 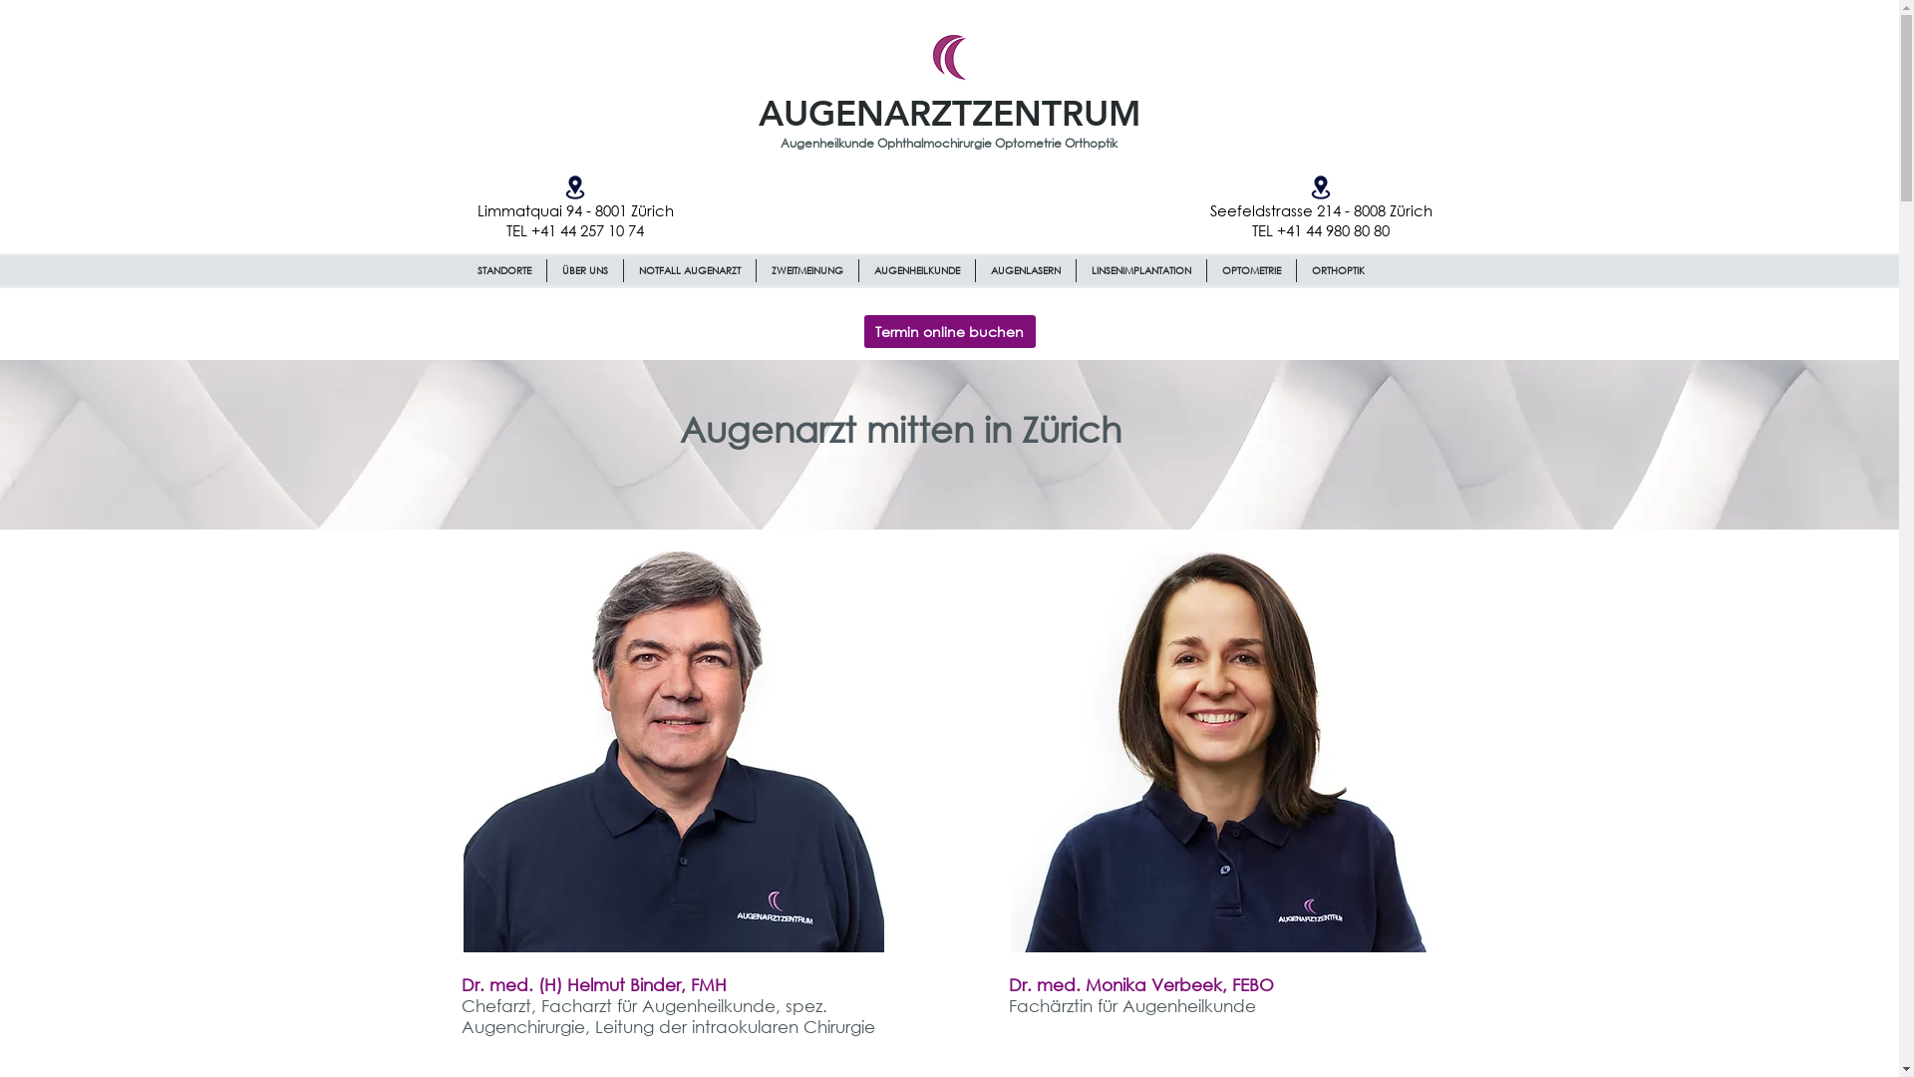 What do you see at coordinates (1337, 270) in the screenshot?
I see `'ORTHOPTIK'` at bounding box center [1337, 270].